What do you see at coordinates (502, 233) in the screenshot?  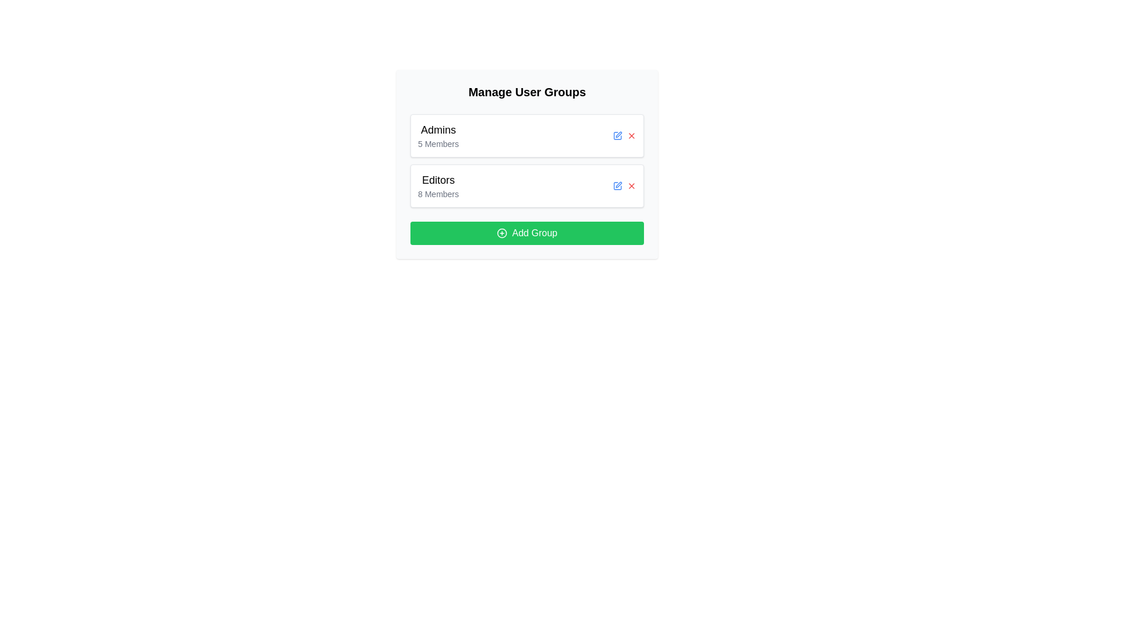 I see `the circular graphic SVG element that contains a plus sign, which is part of the icon design located to the left of the 'Add Group' button` at bounding box center [502, 233].